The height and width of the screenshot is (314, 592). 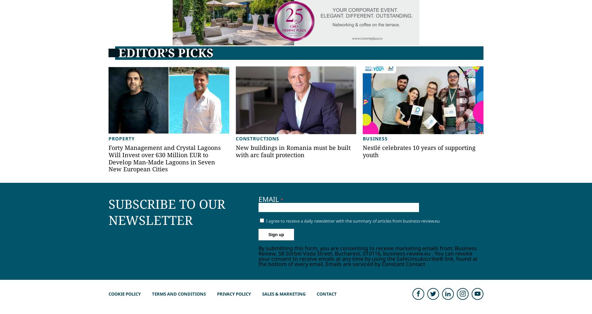 What do you see at coordinates (269, 199) in the screenshot?
I see `'Email'` at bounding box center [269, 199].